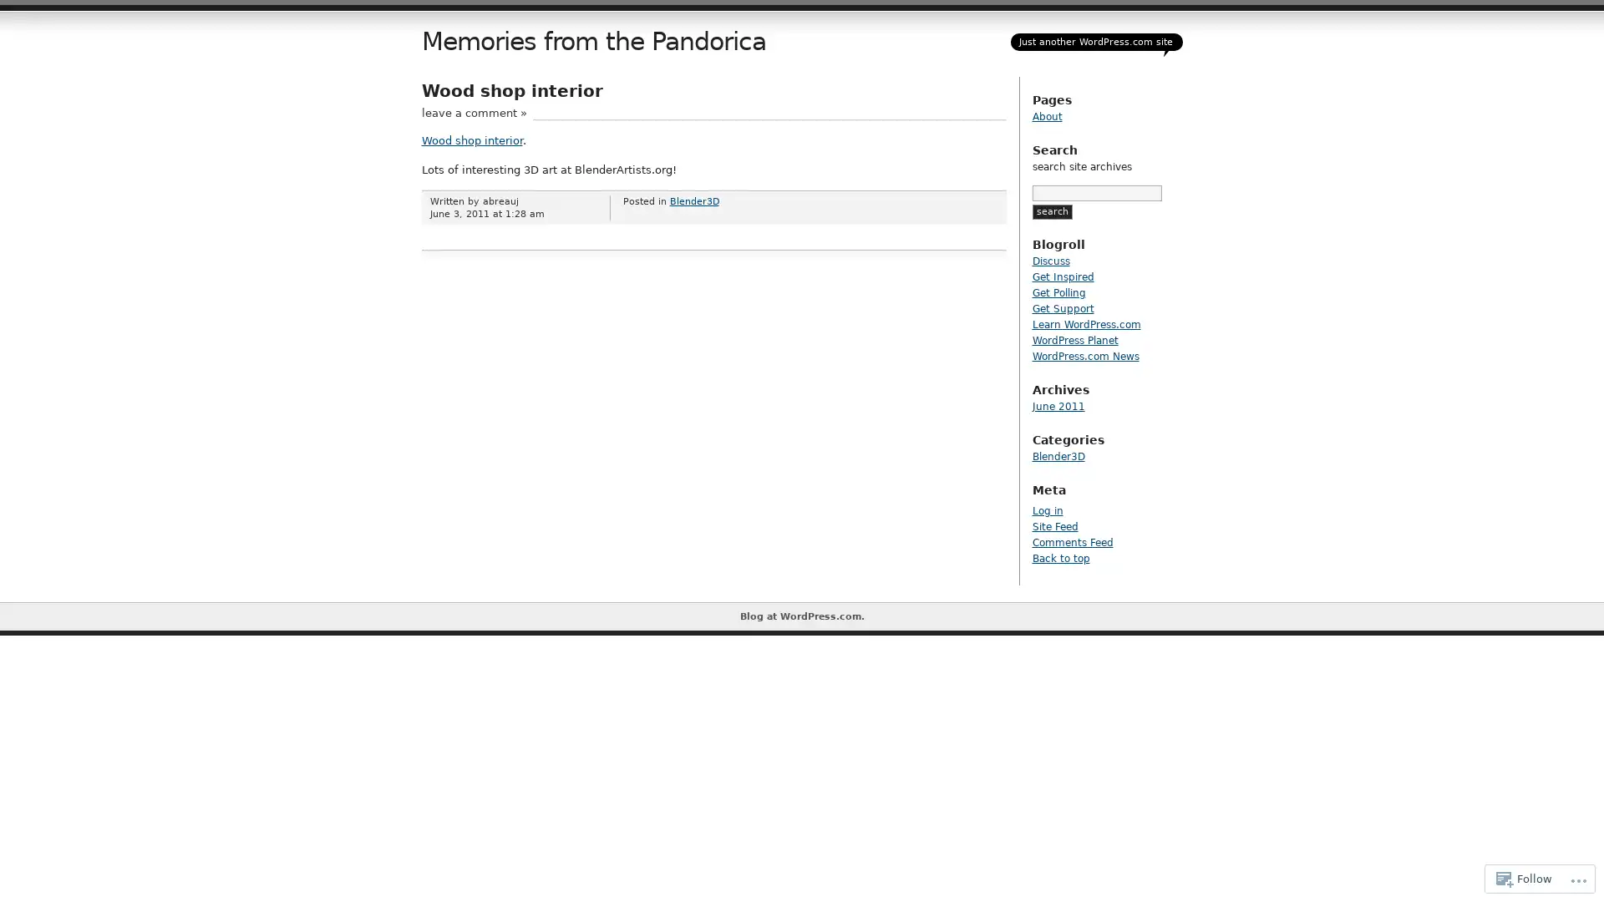  What do you see at coordinates (1050, 211) in the screenshot?
I see `search` at bounding box center [1050, 211].